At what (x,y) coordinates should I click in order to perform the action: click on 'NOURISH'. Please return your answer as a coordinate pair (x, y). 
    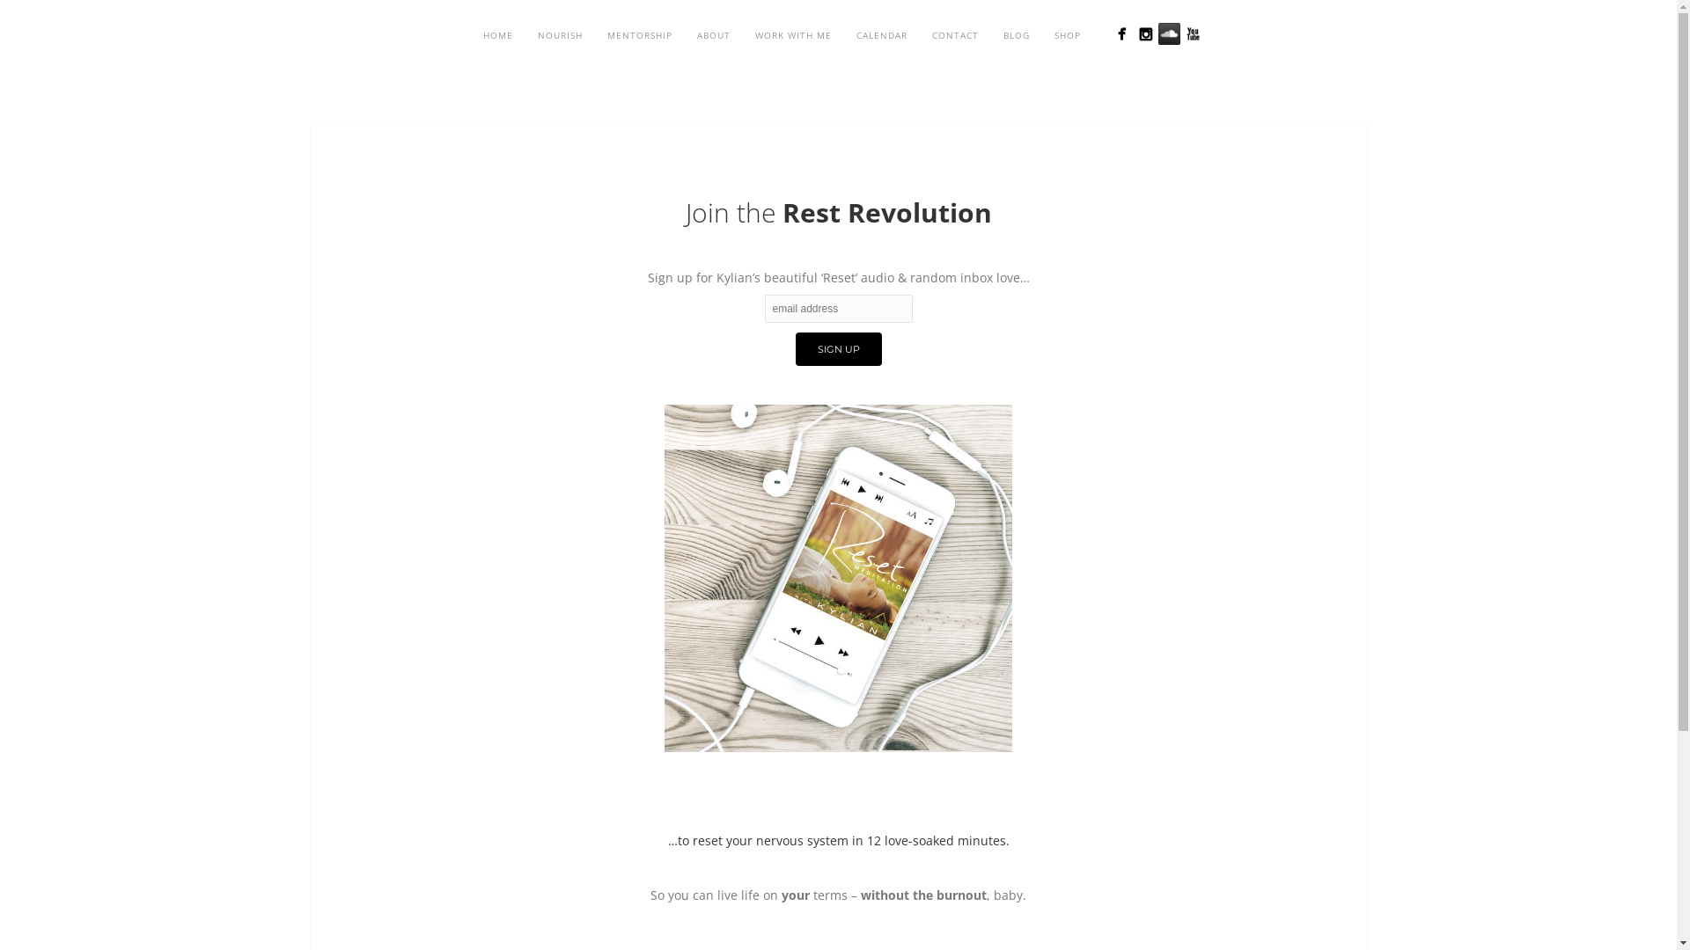
    Looking at the image, I should click on (559, 35).